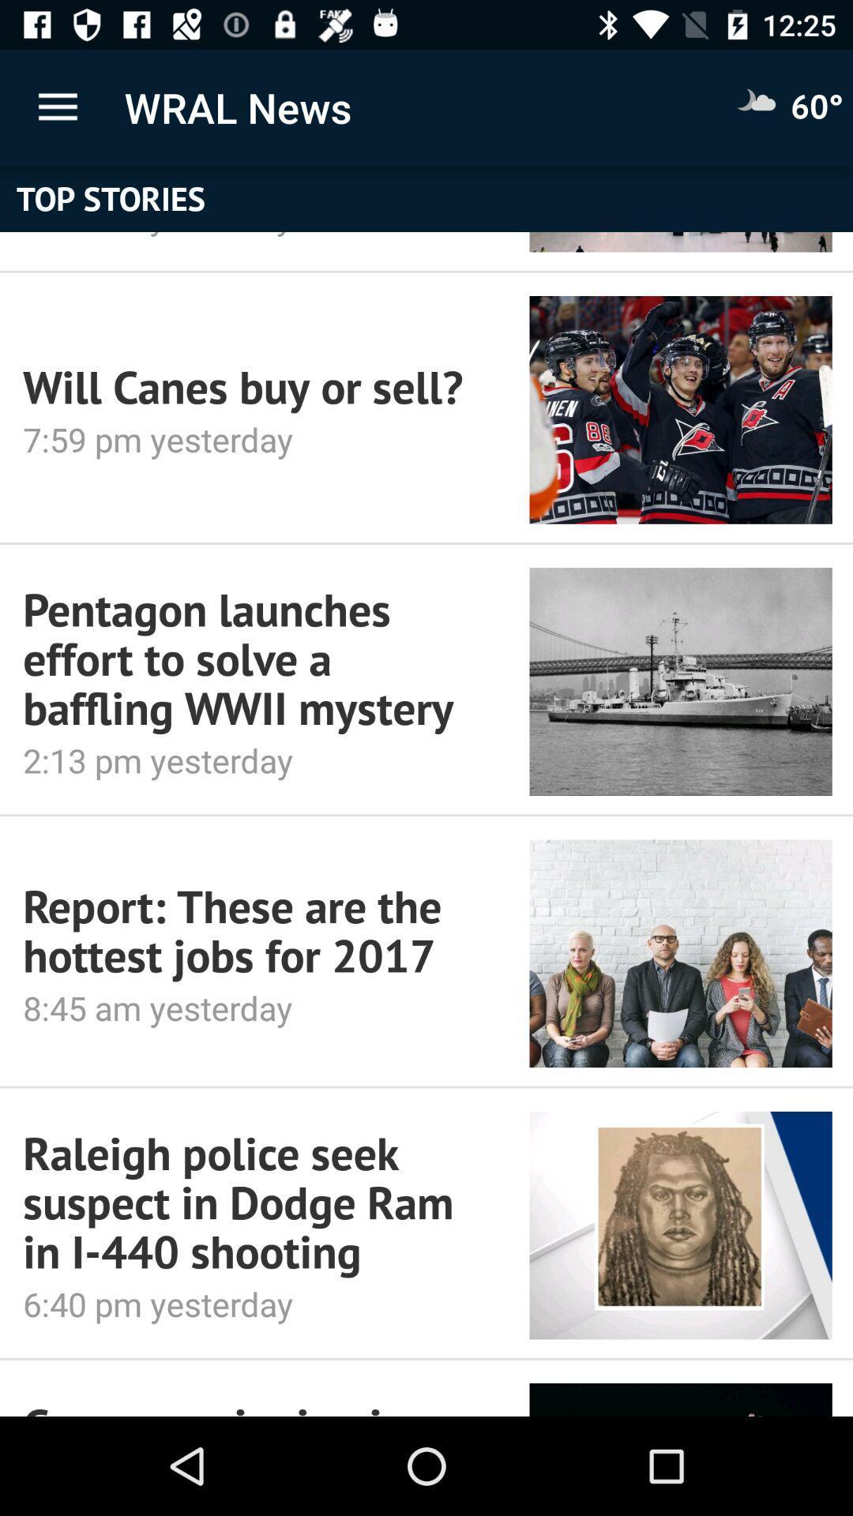  Describe the element at coordinates (426, 198) in the screenshot. I see `top stories` at that location.